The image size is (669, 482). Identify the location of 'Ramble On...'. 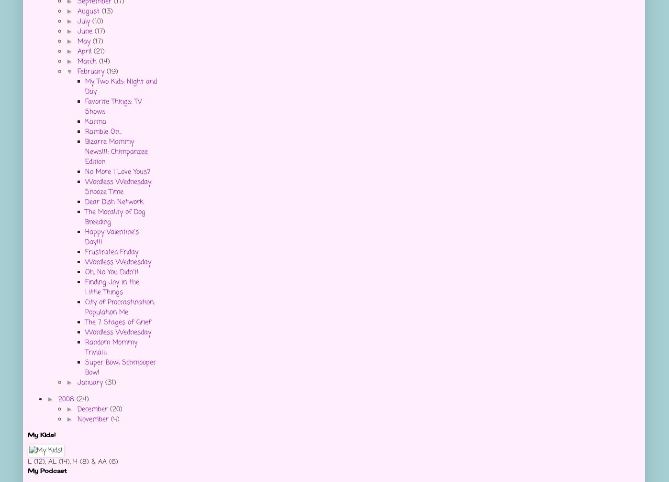
(103, 131).